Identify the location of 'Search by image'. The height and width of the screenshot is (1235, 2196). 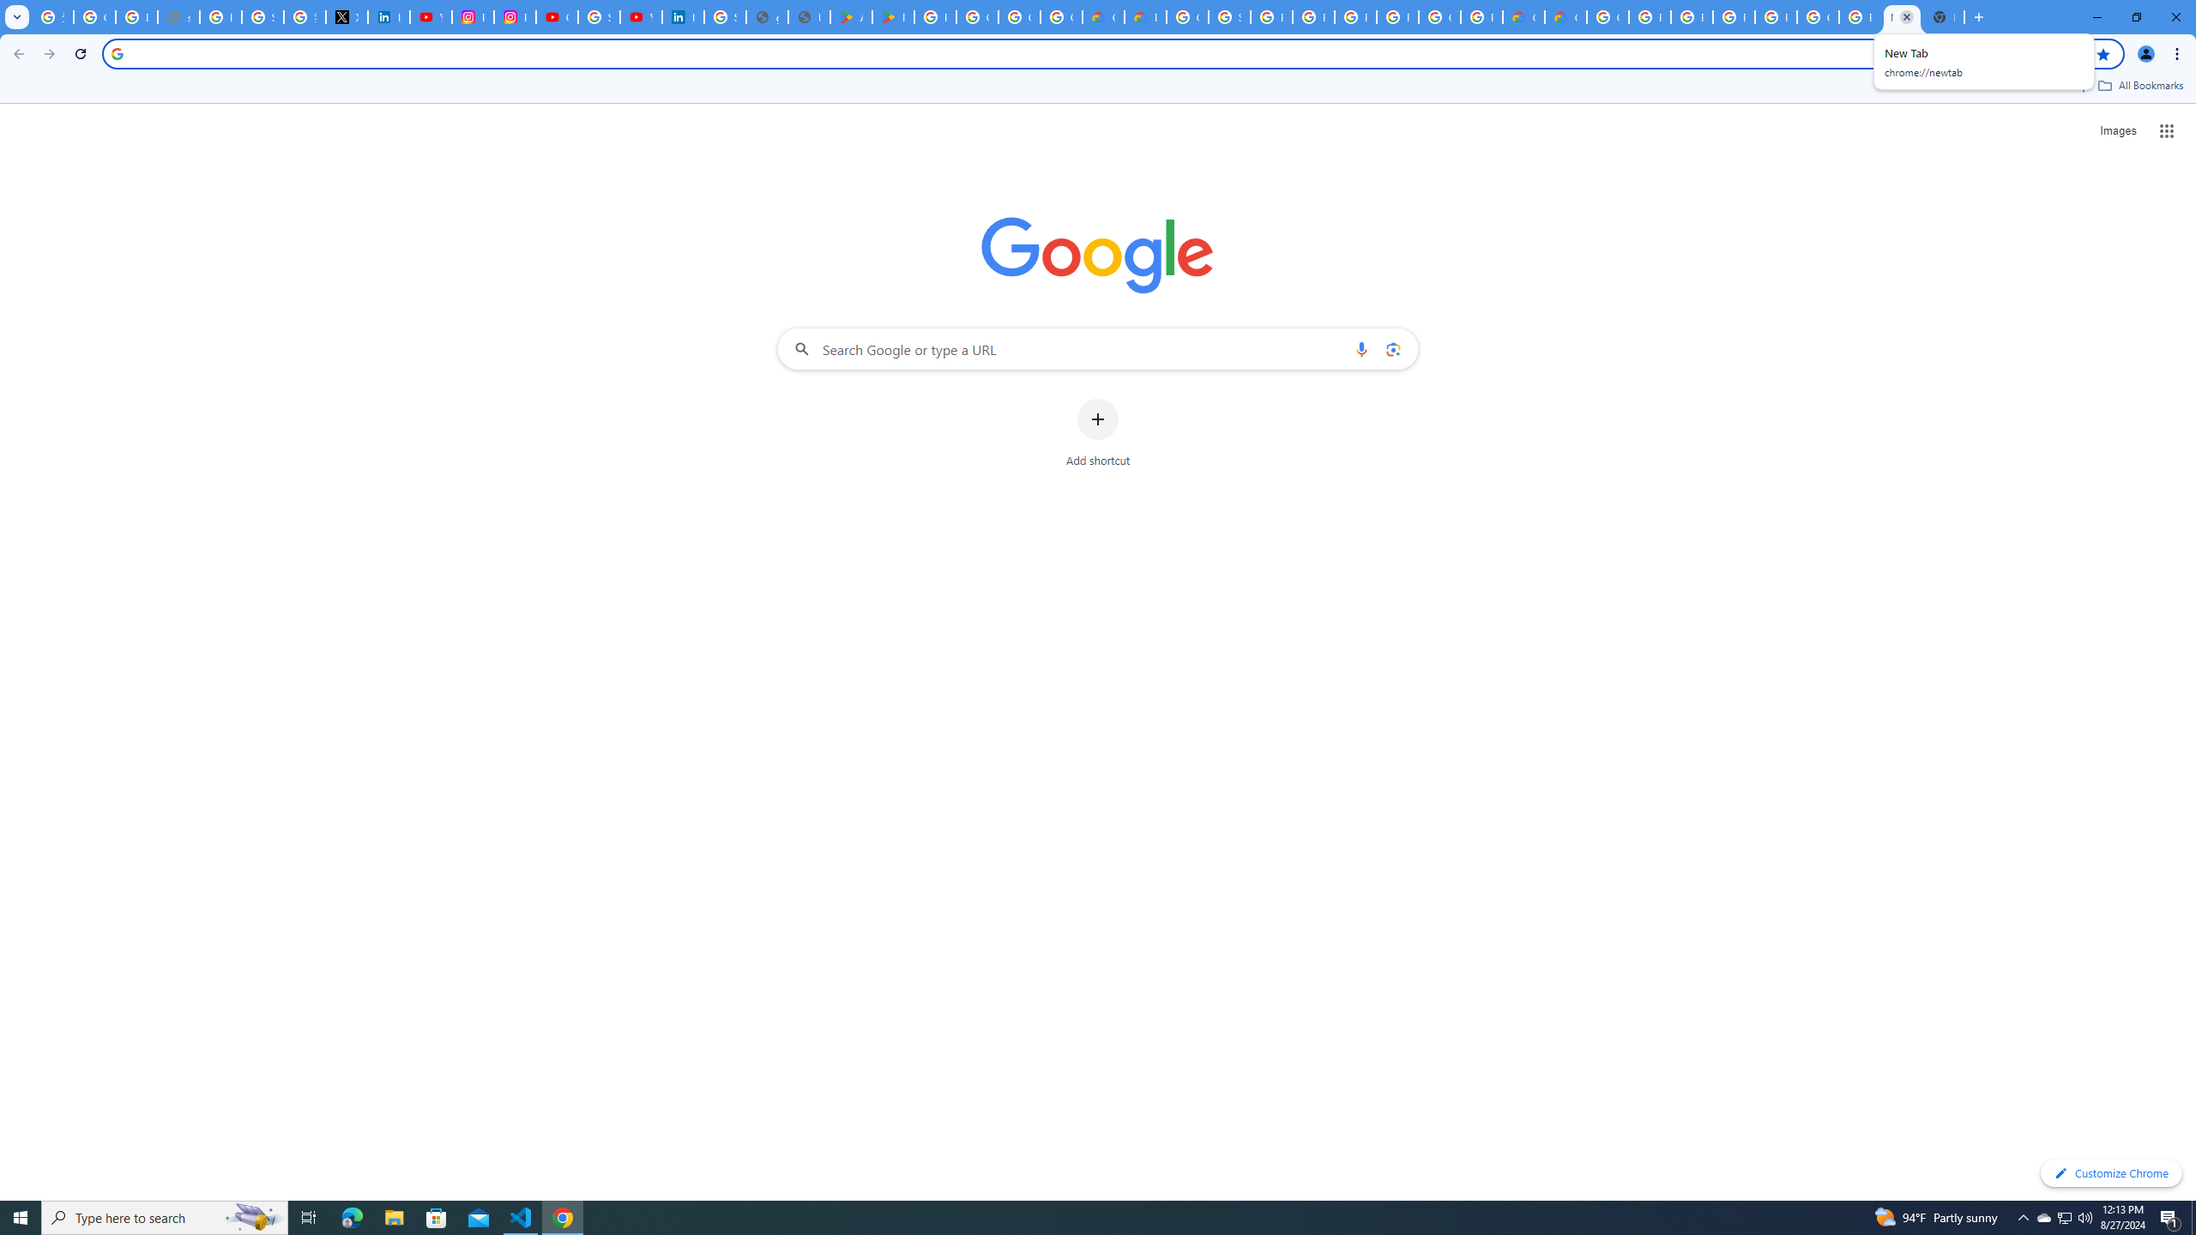
(1391, 347).